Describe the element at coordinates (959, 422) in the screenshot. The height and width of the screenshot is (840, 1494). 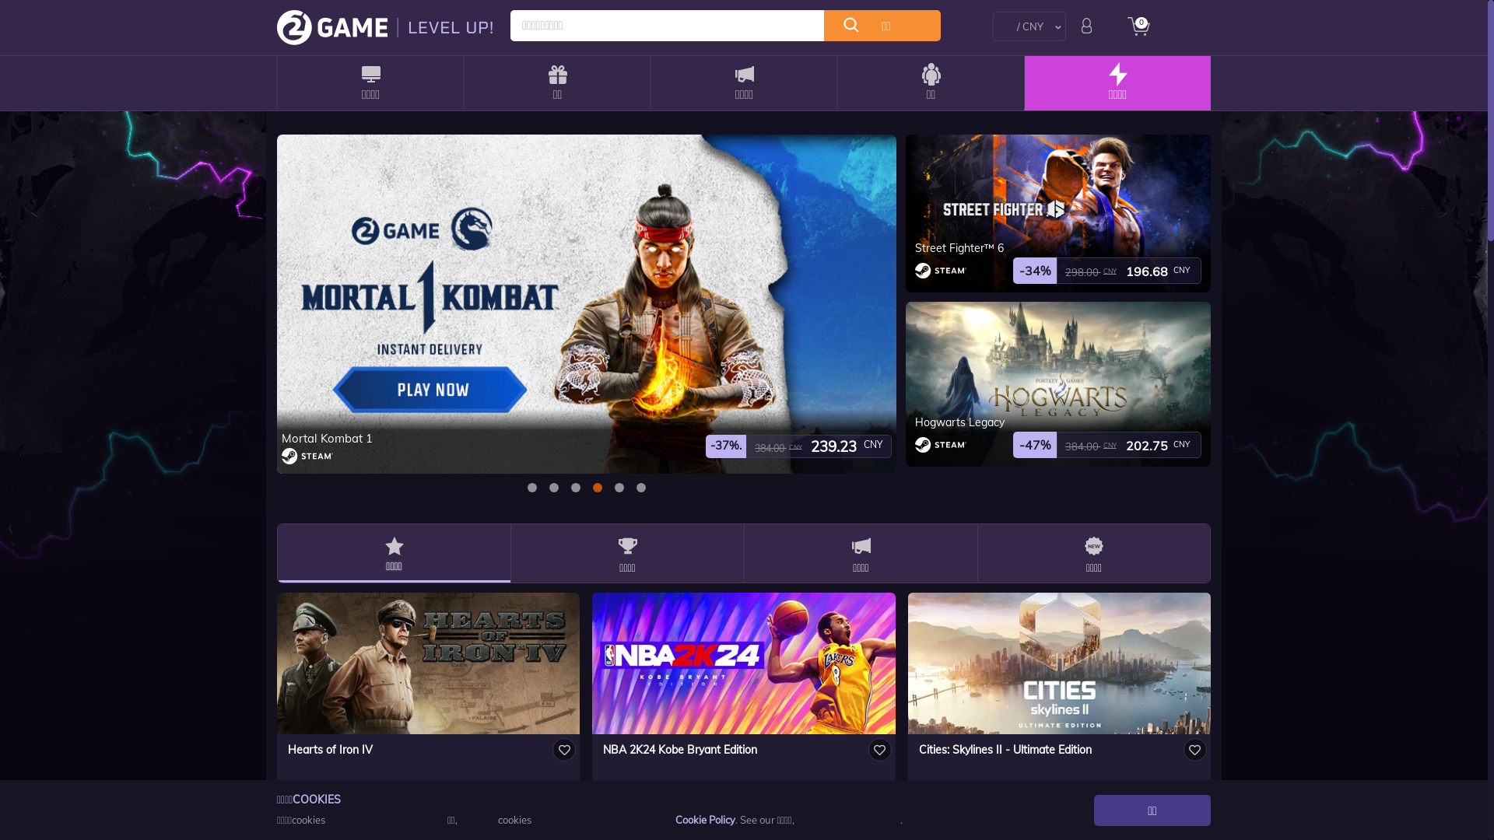
I see `'Hogwarts Legacy'` at that location.